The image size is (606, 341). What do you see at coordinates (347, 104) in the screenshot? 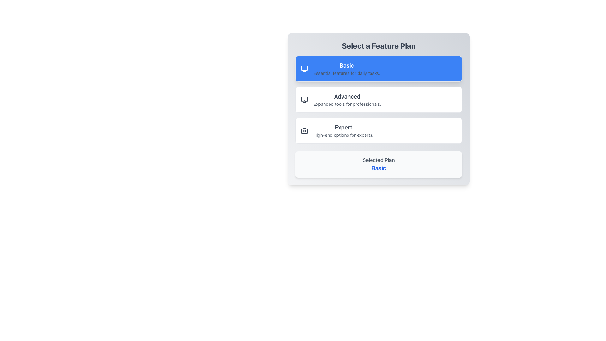
I see `the text 'Expanded tools for professionals.' for copying, which is styled in light gray and positioned directly below the title 'Advanced' in the 'Advanced' plan tile` at bounding box center [347, 104].